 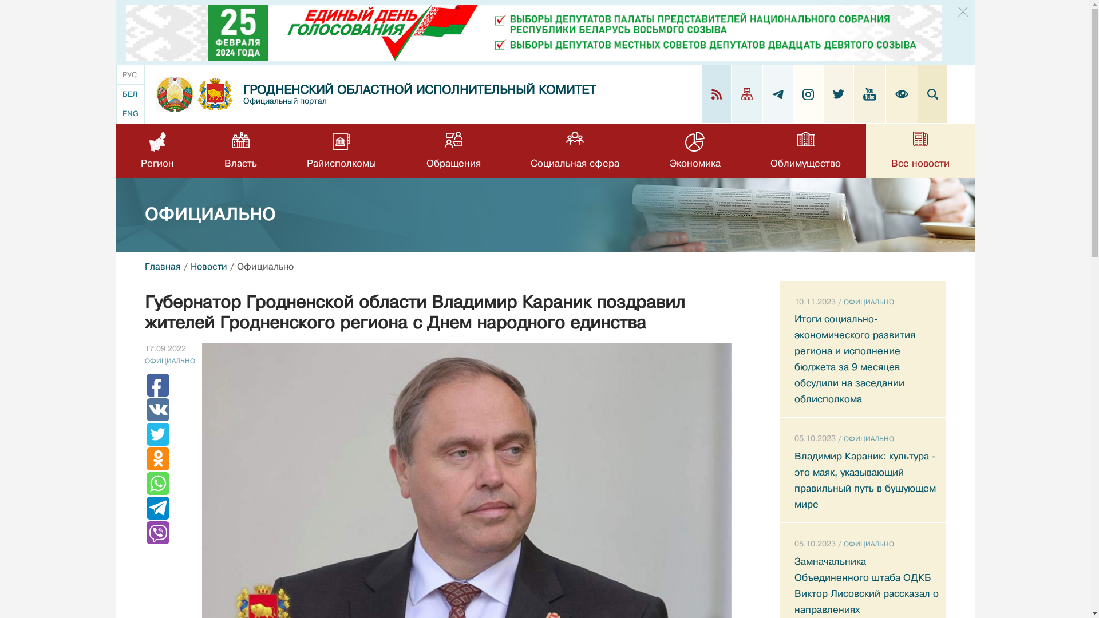 I want to click on 'Youtube', so click(x=863, y=93).